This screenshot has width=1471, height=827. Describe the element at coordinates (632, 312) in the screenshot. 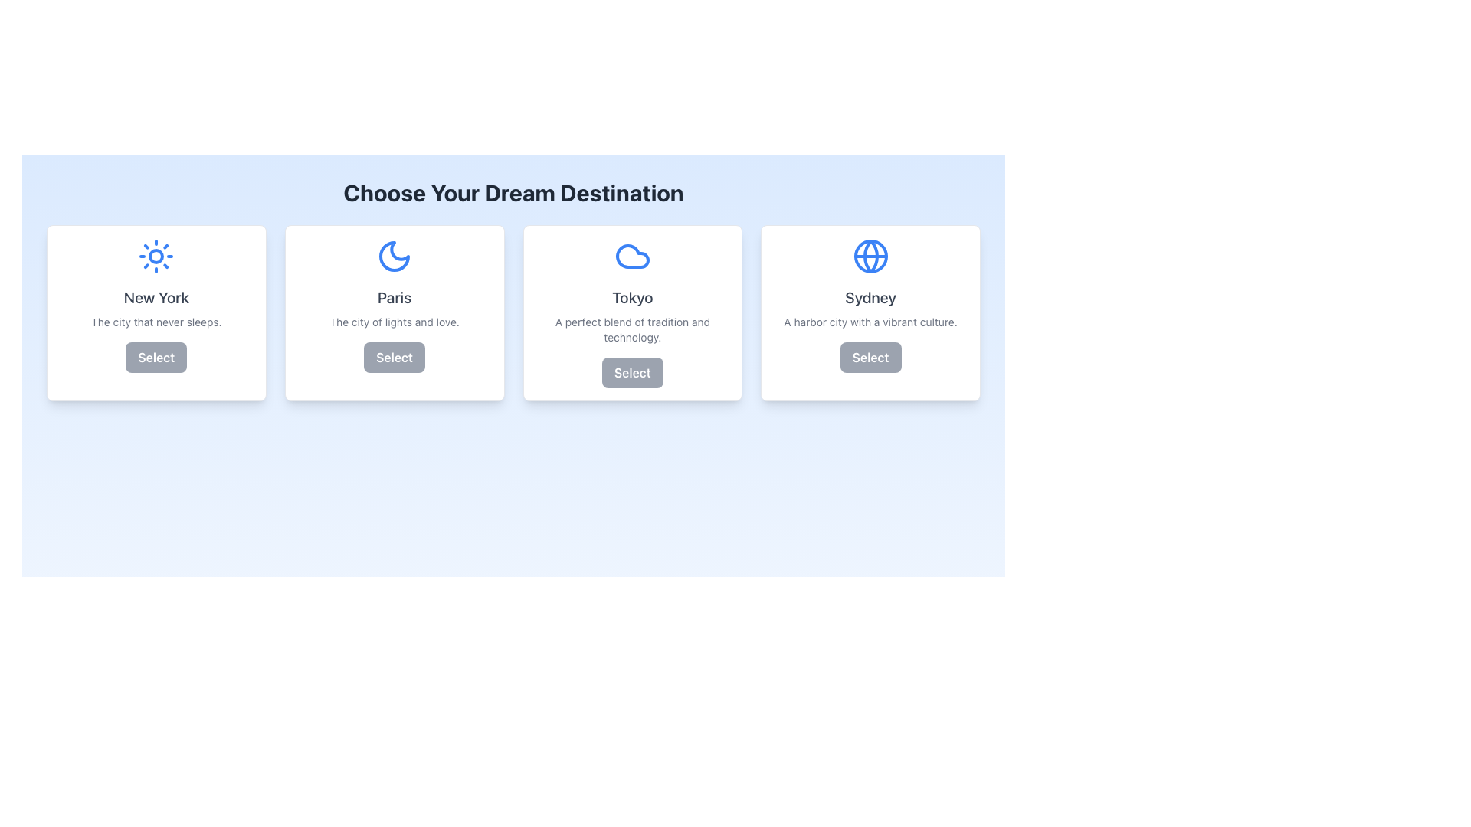

I see `the card containing information about Tokyo, located in the third column of a four-item grid layout, to observe any hover effects` at that location.